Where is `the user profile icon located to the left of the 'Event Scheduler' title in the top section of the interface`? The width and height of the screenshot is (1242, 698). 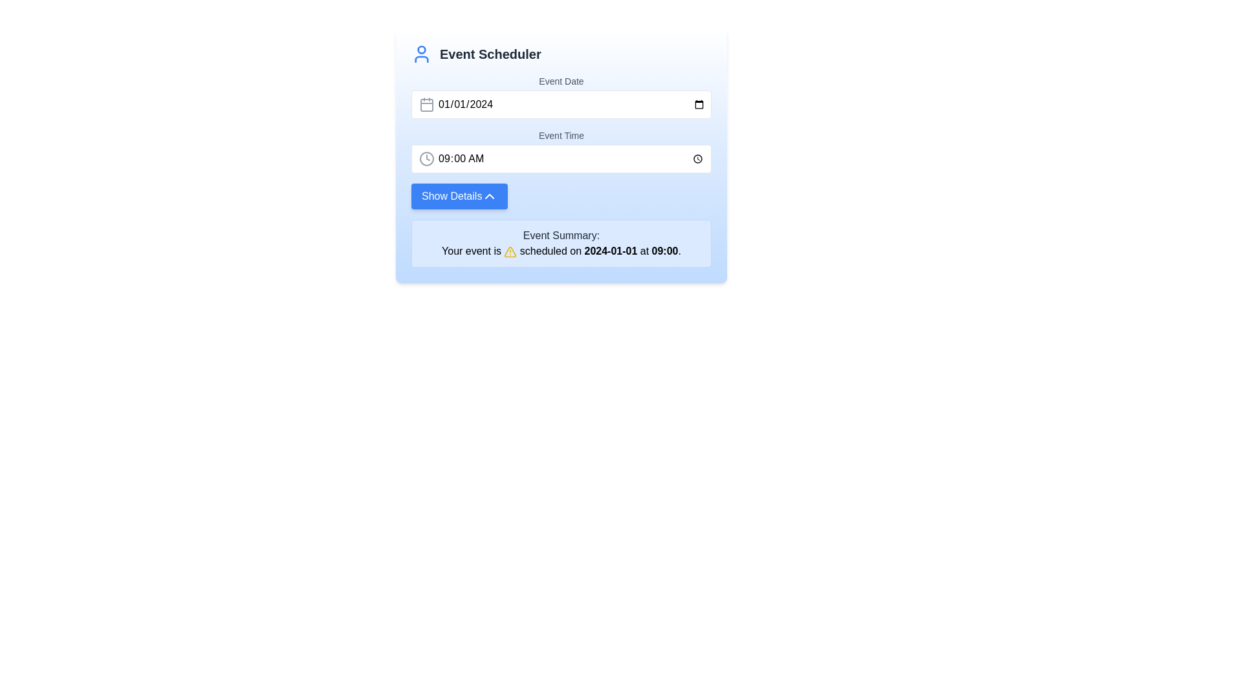
the user profile icon located to the left of the 'Event Scheduler' title in the top section of the interface is located at coordinates (422, 54).